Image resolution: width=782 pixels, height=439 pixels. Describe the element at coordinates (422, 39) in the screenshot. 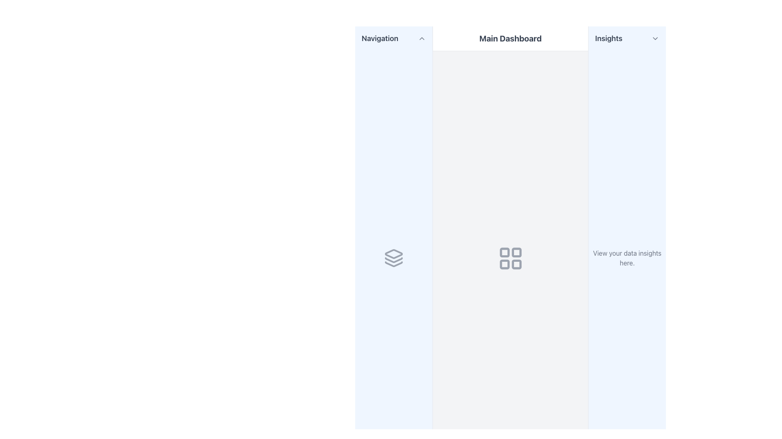

I see `the icon button located on the right side of the Navigation header text within the sidebar` at that location.